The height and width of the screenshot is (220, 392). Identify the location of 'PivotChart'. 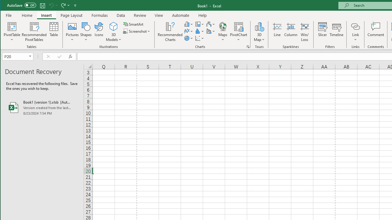
(238, 32).